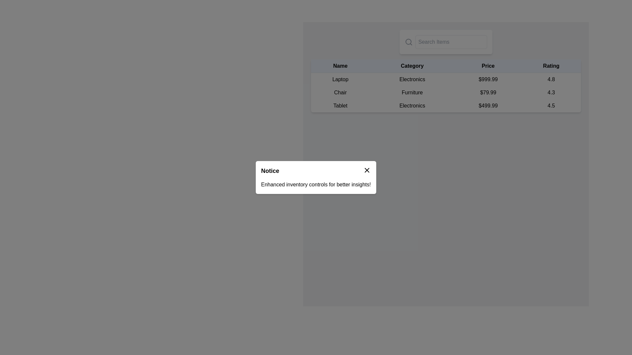 This screenshot has height=355, width=632. Describe the element at coordinates (412, 66) in the screenshot. I see `the 'Category' column header in the table, which is centrally located between the 'Name' and 'Price' headings` at that location.